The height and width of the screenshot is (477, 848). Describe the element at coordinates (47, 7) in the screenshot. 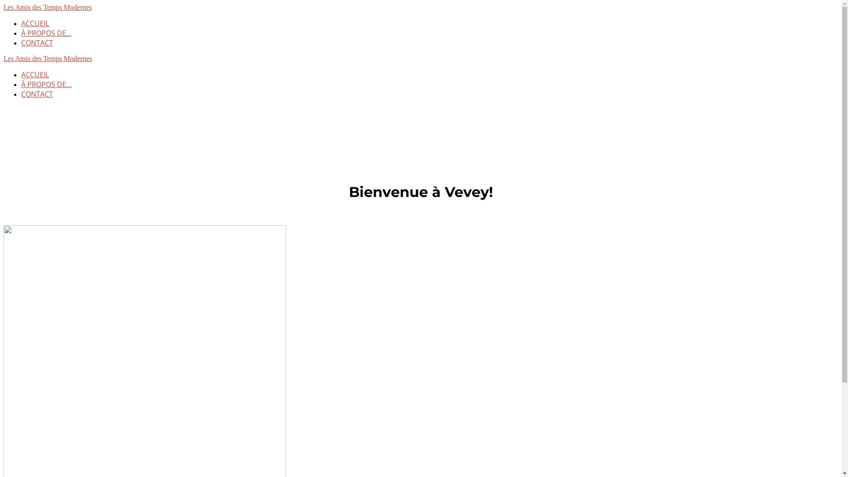

I see `'Les Amis des Temps Modernes'` at that location.